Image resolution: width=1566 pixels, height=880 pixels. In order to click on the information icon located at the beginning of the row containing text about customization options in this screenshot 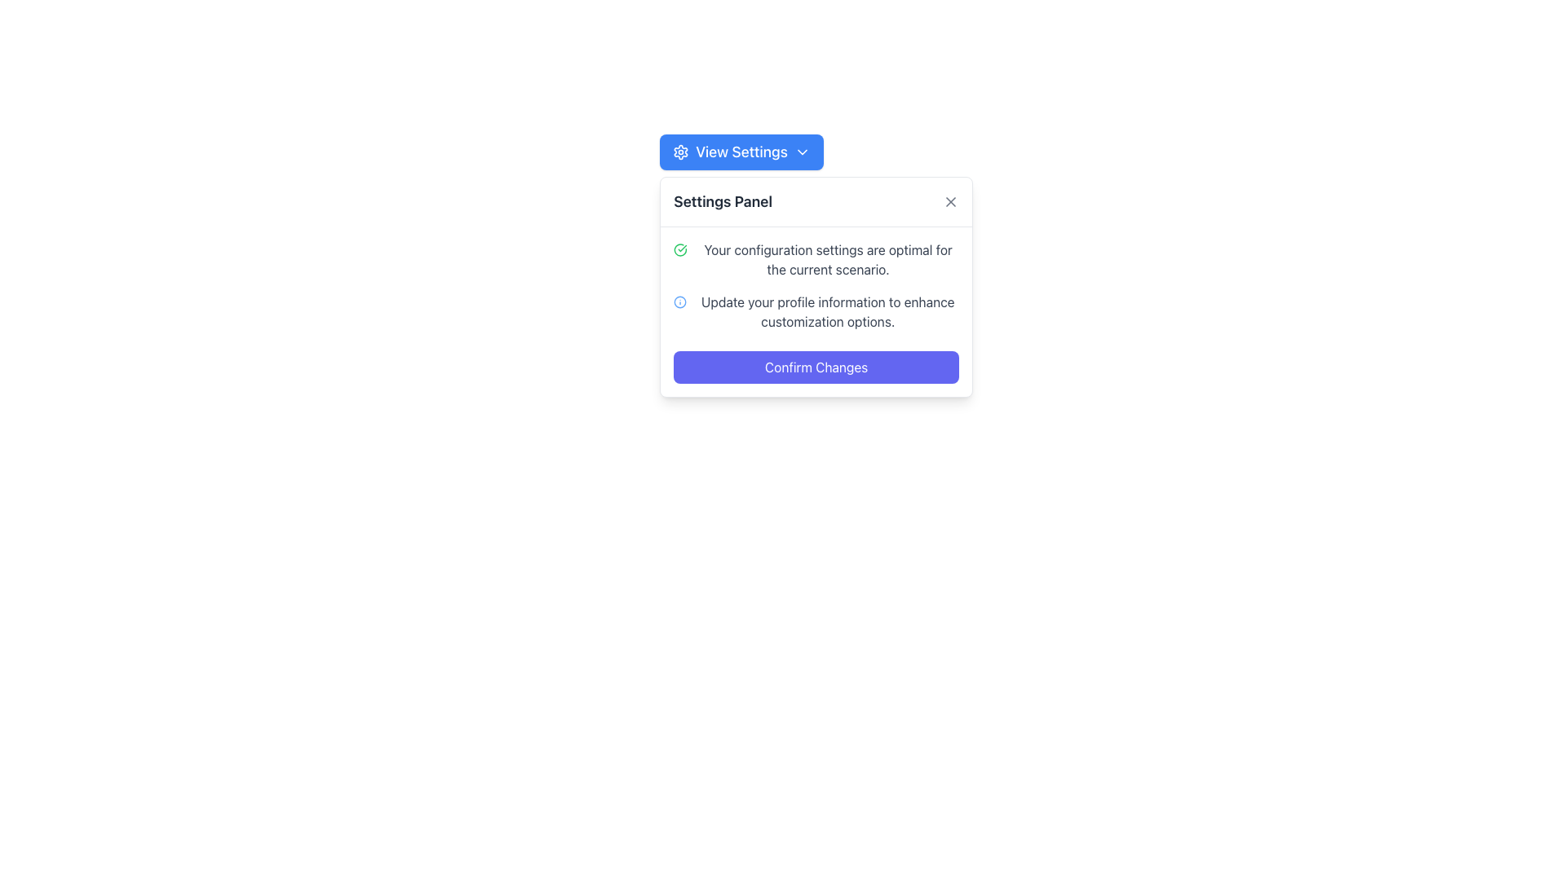, I will do `click(680, 301)`.